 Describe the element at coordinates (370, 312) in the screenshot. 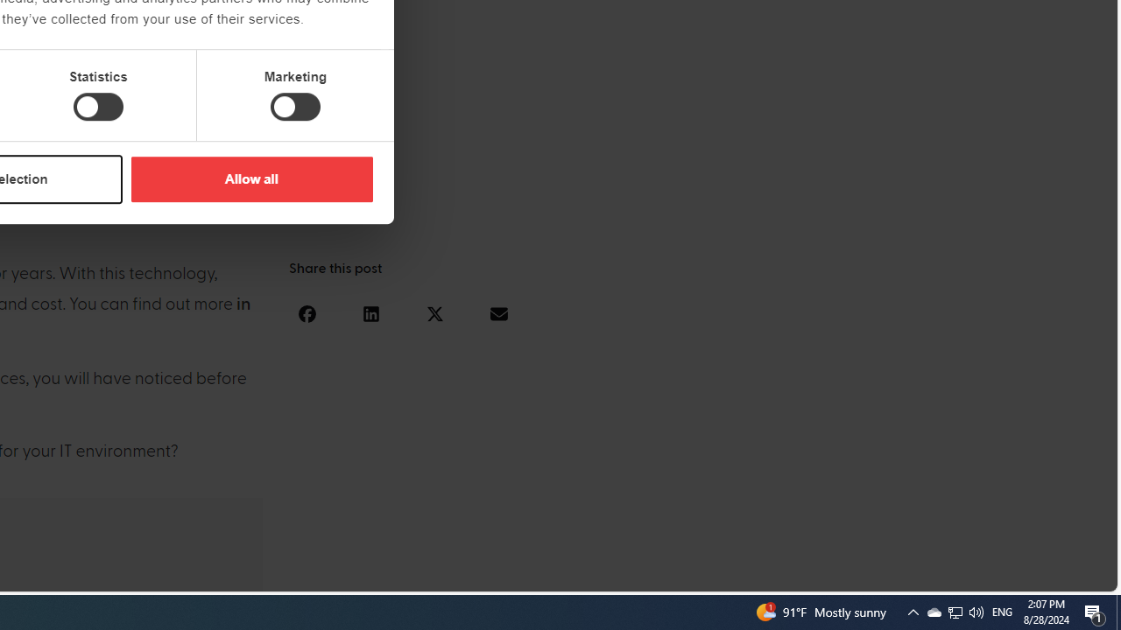

I see `'Share on linkedin'` at that location.